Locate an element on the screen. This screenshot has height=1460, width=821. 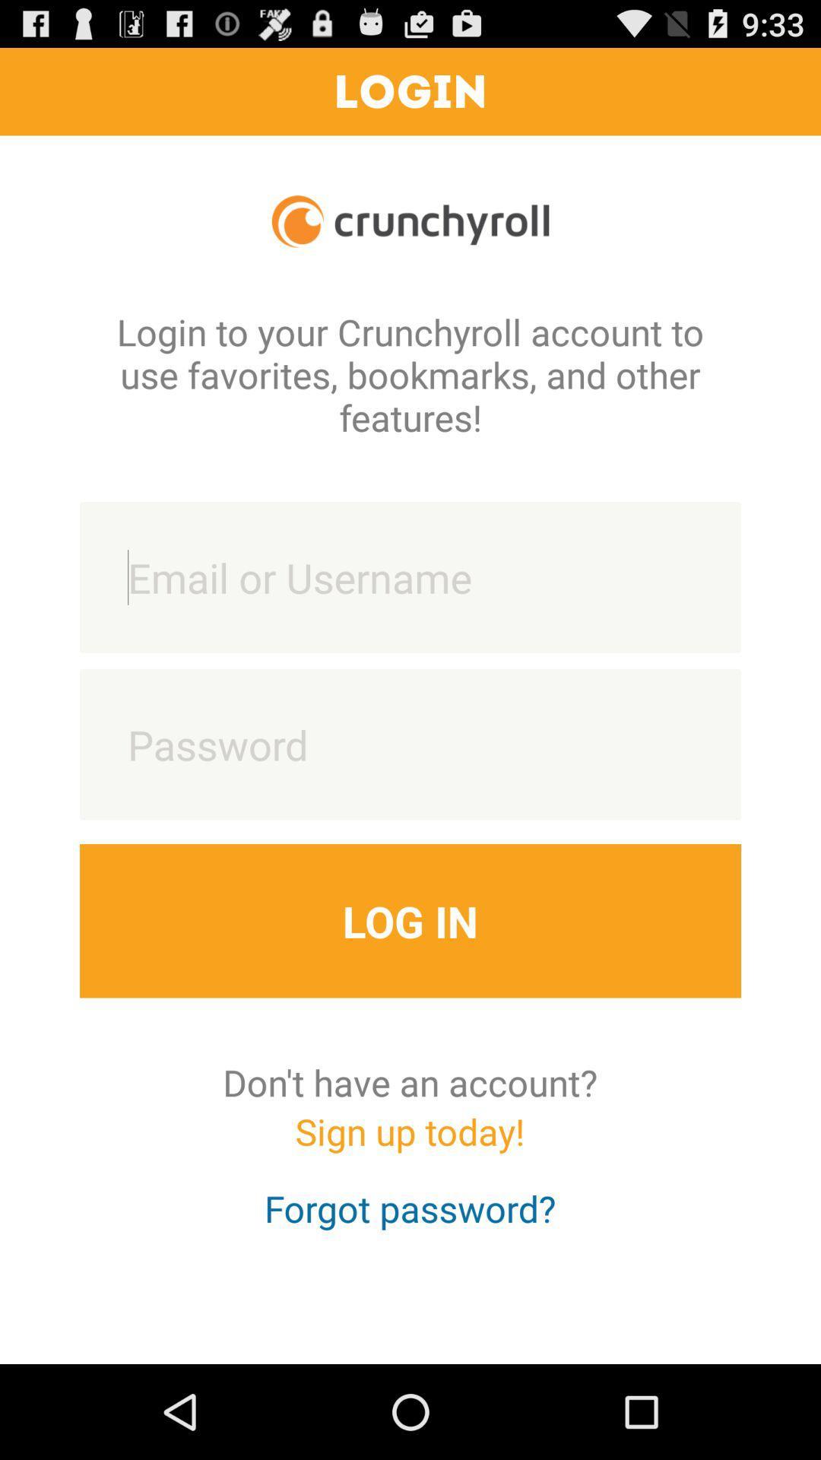
login to cruncyroll is located at coordinates (410, 576).